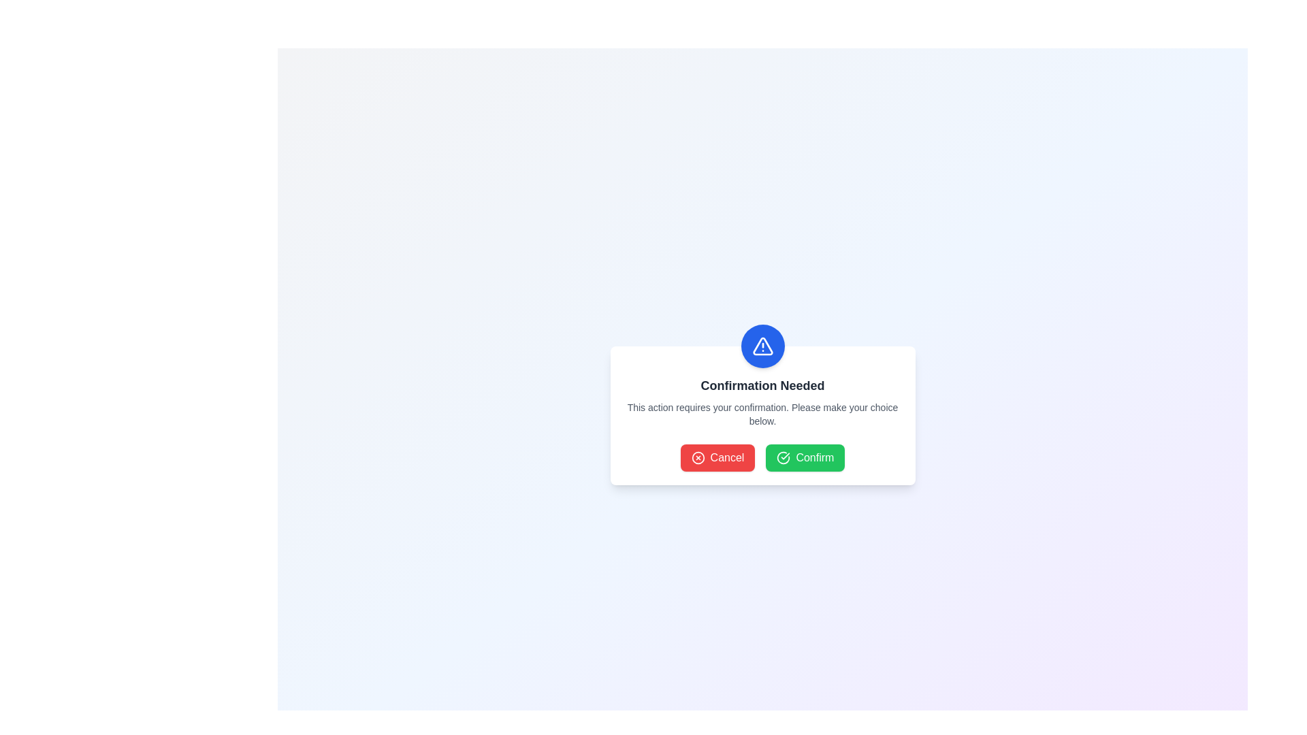  I want to click on the 'Cancel' text label, which is styled with a white font on a red background, so click(726, 457).